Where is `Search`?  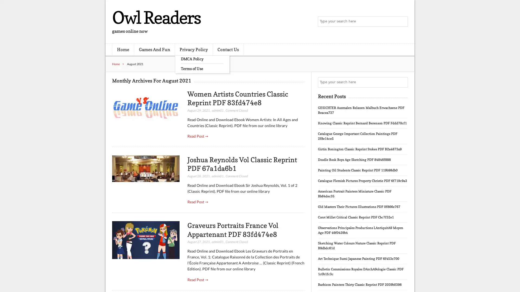 Search is located at coordinates (402, 82).